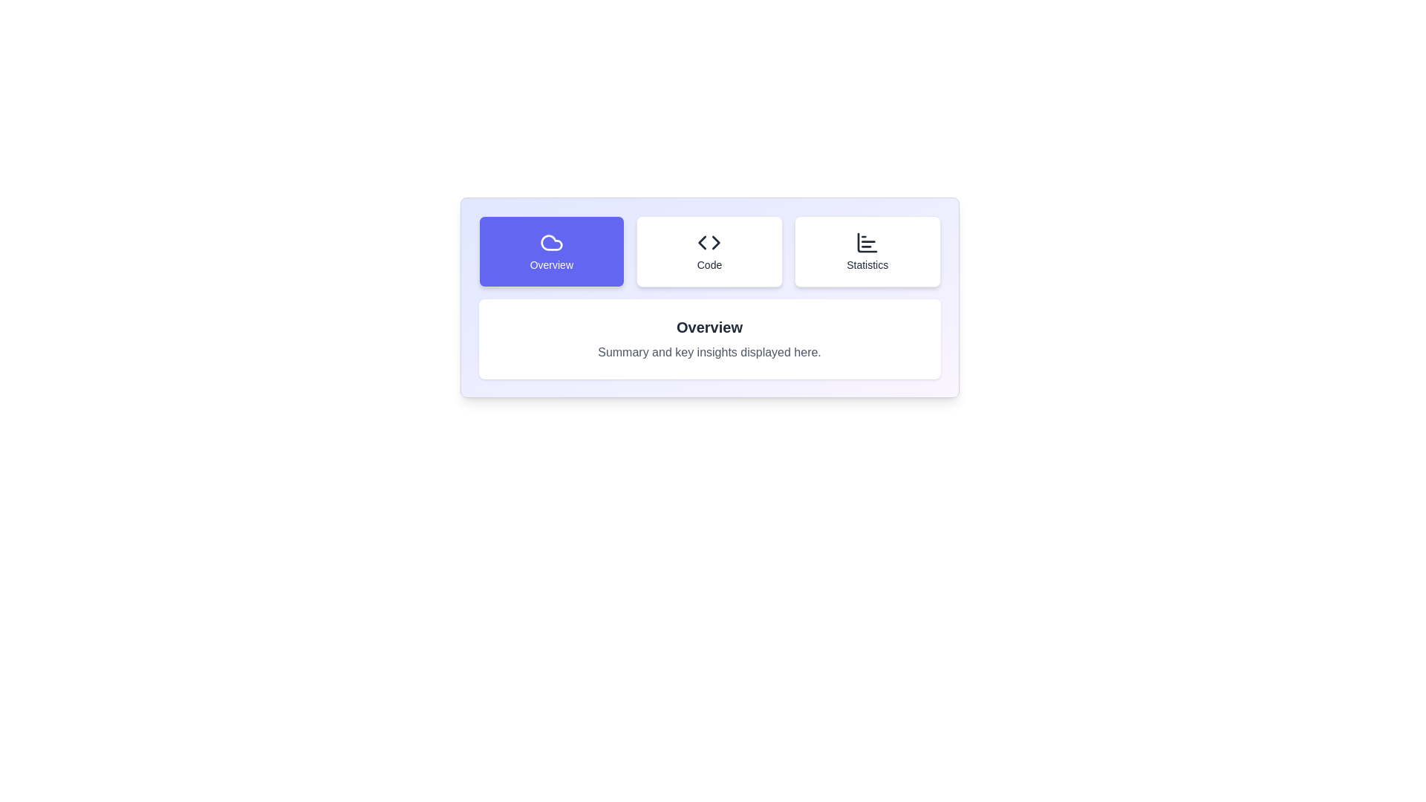  I want to click on the tab labeled 'Code' to observe the visual effect, so click(709, 251).